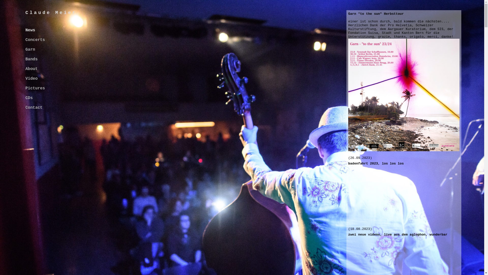  Describe the element at coordinates (25, 88) in the screenshot. I see `'Pictures'` at that location.